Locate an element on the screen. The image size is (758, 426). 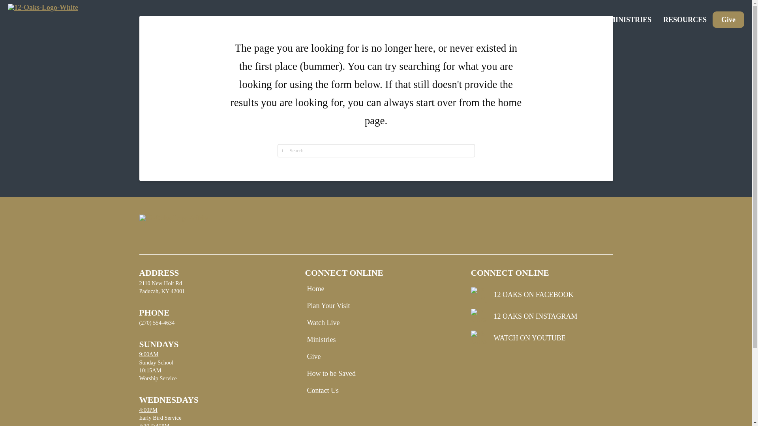
'Home' is located at coordinates (317, 289).